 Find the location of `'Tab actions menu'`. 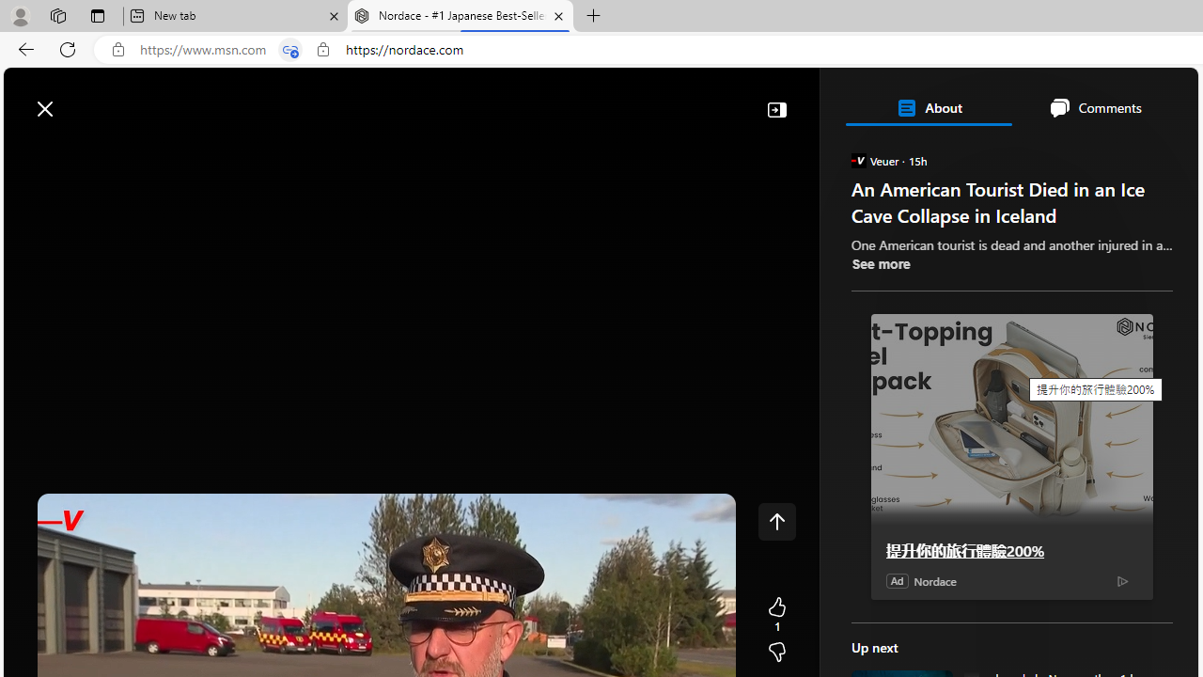

'Tab actions menu' is located at coordinates (97, 15).